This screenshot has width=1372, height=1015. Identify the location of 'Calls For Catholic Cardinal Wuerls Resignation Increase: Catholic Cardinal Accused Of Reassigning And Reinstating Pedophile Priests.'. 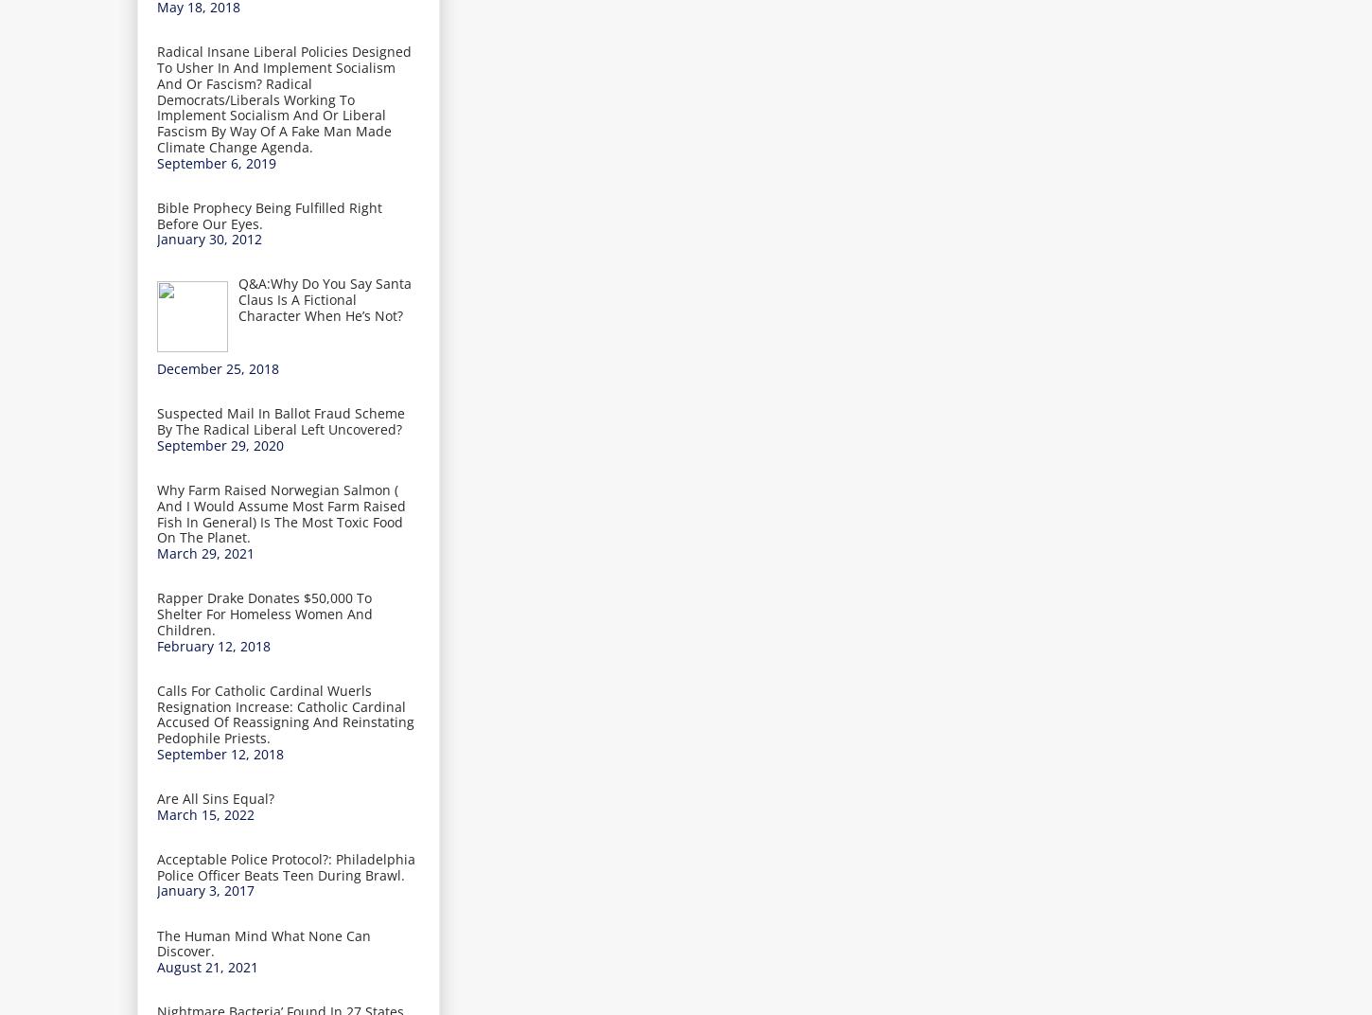
(156, 714).